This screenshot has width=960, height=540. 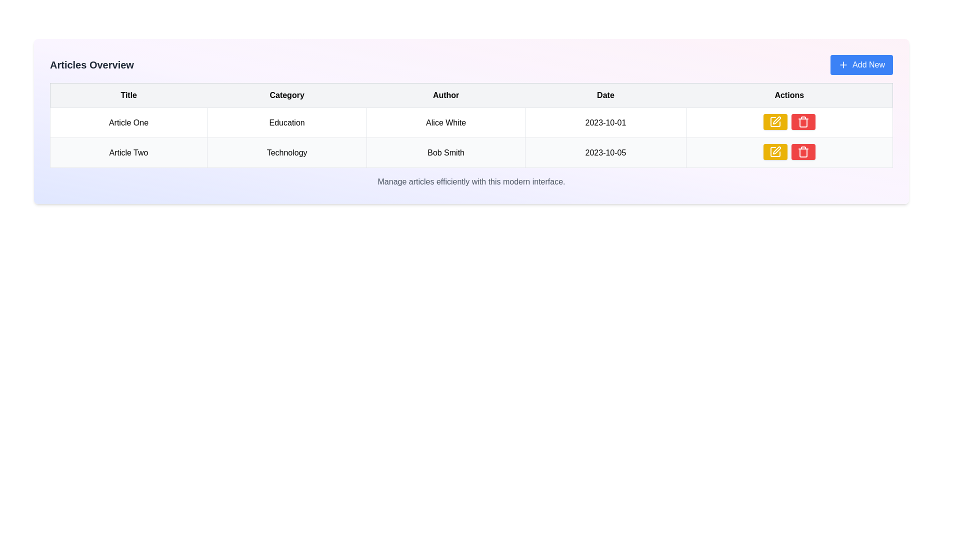 I want to click on the 'Add New Item' button located in the upper right corner of the 'Articles Overview' section for accessibility navigation, so click(x=861, y=65).